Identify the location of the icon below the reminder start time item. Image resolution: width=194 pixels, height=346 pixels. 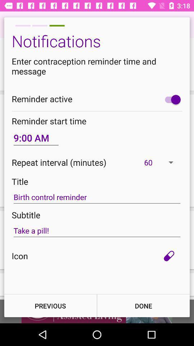
(36, 137).